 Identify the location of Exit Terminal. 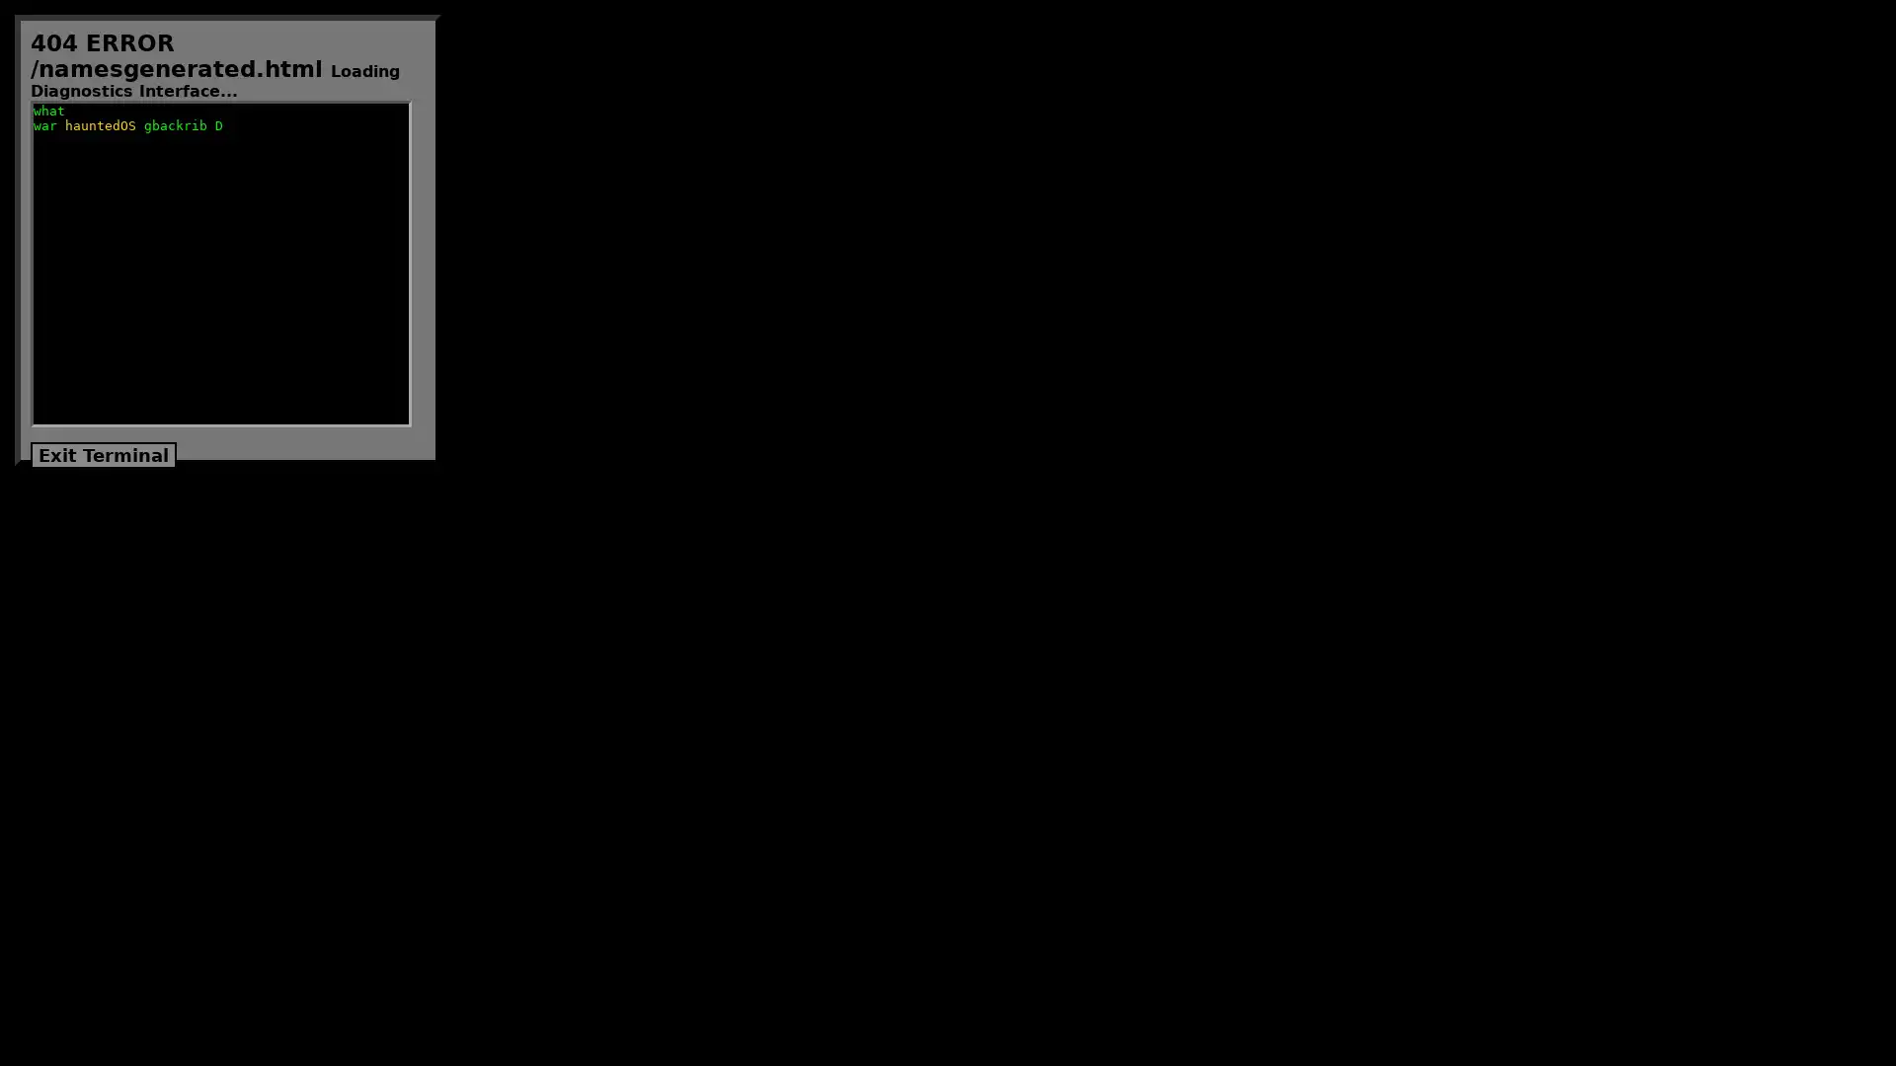
(103, 455).